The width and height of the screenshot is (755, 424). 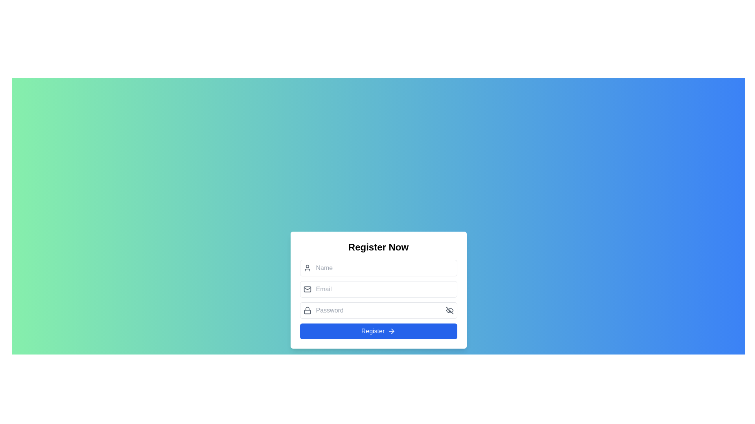 What do you see at coordinates (372, 331) in the screenshot?
I see `the label for the 'Register' button, which is located to the left of the right-facing arrow icon near the bottom of the form` at bounding box center [372, 331].